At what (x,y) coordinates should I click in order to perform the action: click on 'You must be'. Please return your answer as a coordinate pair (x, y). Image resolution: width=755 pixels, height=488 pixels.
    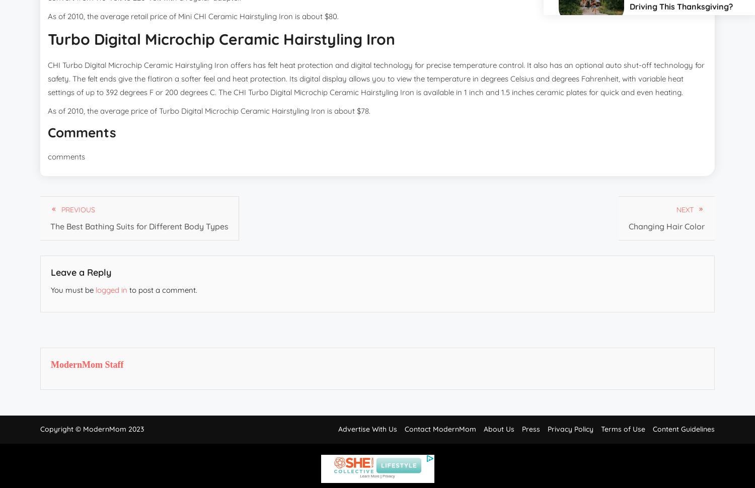
    Looking at the image, I should click on (73, 289).